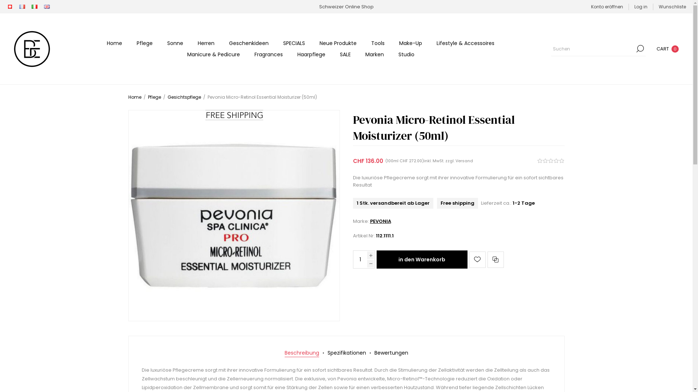 The height and width of the screenshot is (392, 698). What do you see at coordinates (47, 7) in the screenshot?
I see `'EN'` at bounding box center [47, 7].